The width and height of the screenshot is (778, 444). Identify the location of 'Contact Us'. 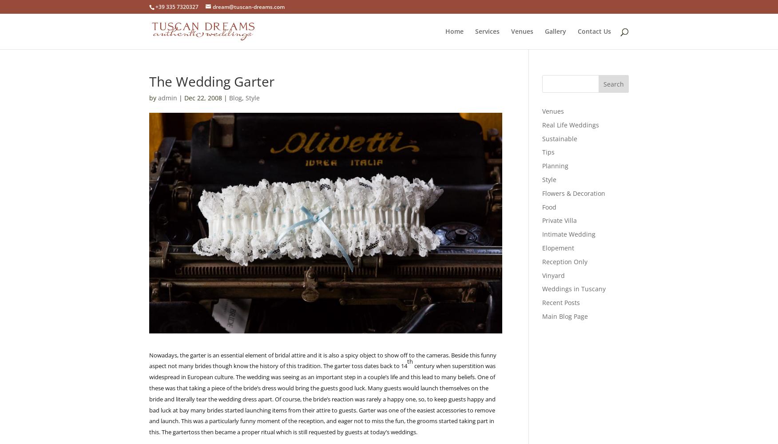
(594, 31).